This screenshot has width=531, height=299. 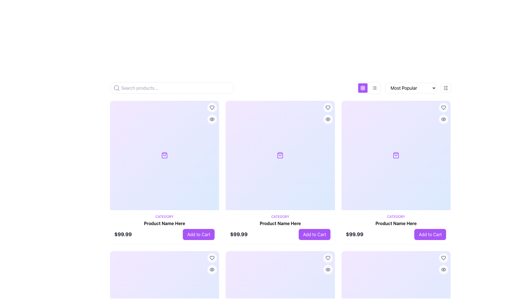 I want to click on the middle element of the 3x3 grid icon, which is a square graphic with rounded corners and a minimalistic design, so click(x=363, y=87).